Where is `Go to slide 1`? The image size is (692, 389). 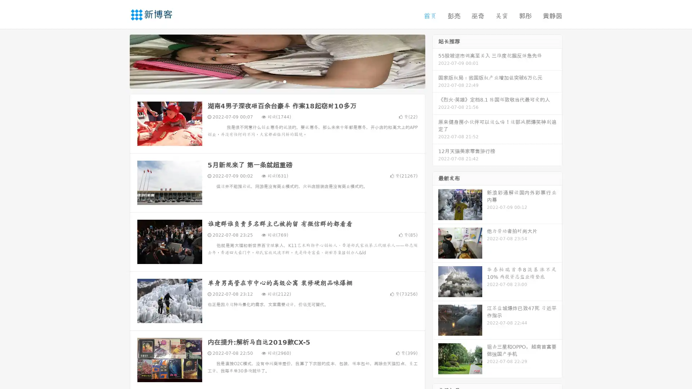
Go to slide 1 is located at coordinates (270, 81).